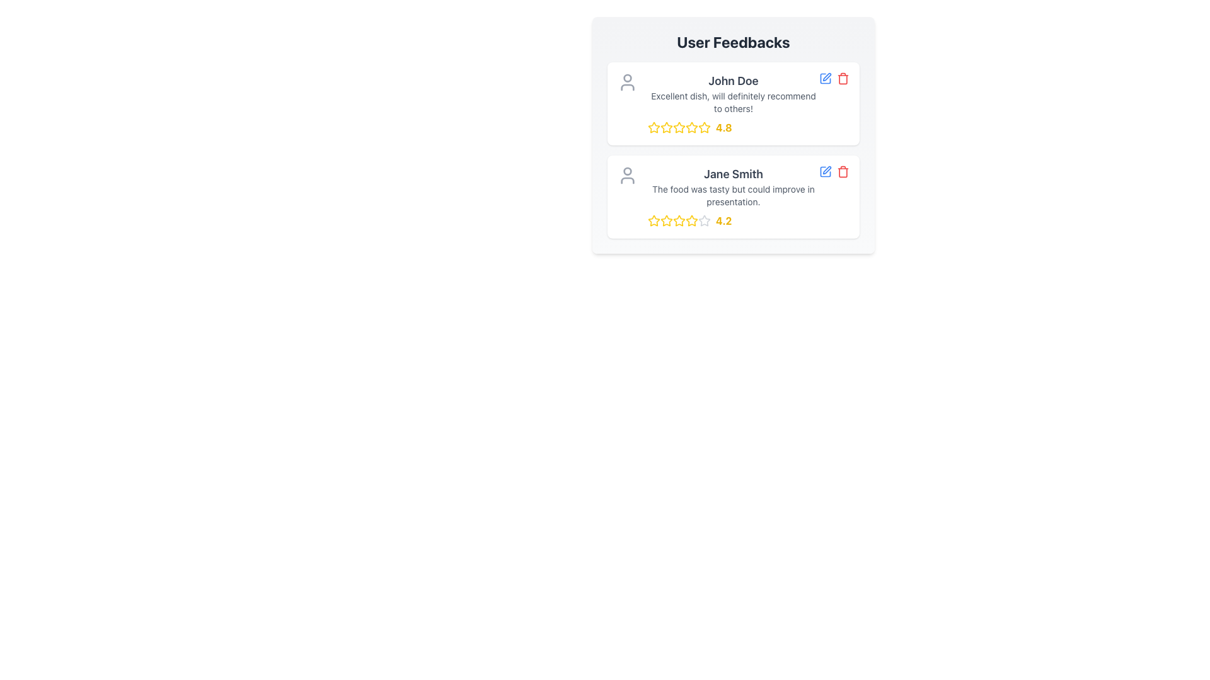 This screenshot has height=680, width=1210. I want to click on the fourth star icon in the rating component, which has a hollow white center and a thin gray border, located in the second user feedback card, so click(704, 220).